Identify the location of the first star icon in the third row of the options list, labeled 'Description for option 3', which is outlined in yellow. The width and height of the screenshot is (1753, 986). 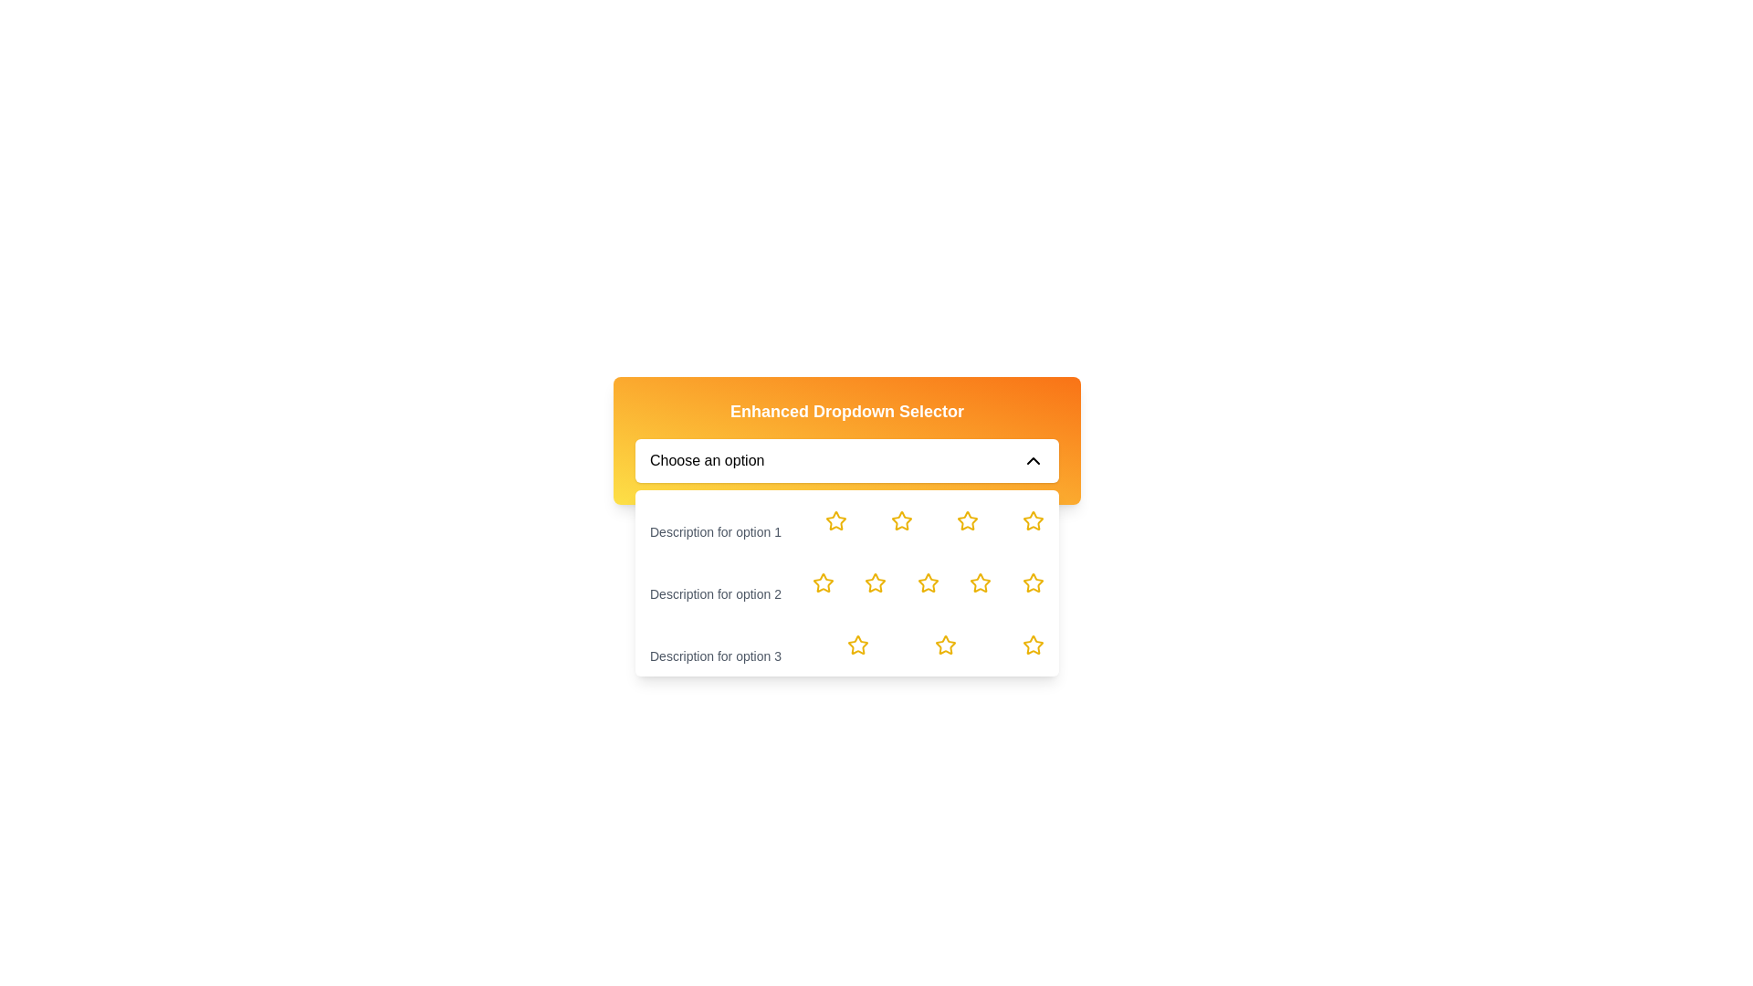
(857, 644).